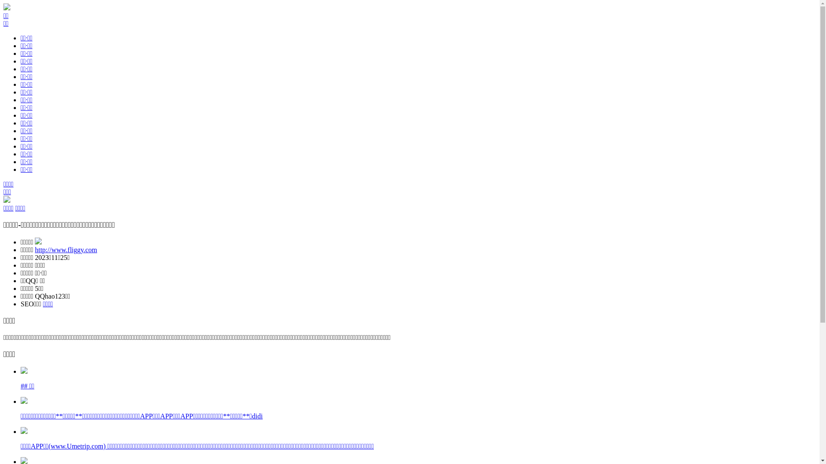 The width and height of the screenshot is (826, 464). I want to click on 'http://www.fliggy.com', so click(65, 250).